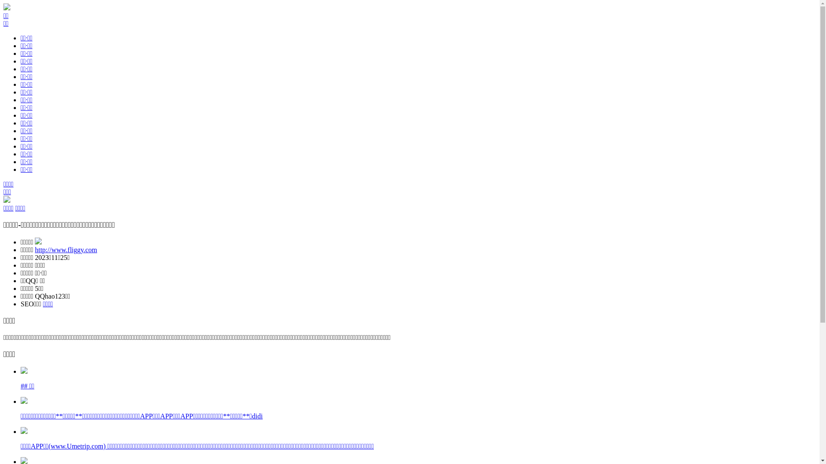 The width and height of the screenshot is (826, 464). I want to click on 'http://www.fliggy.com', so click(65, 250).